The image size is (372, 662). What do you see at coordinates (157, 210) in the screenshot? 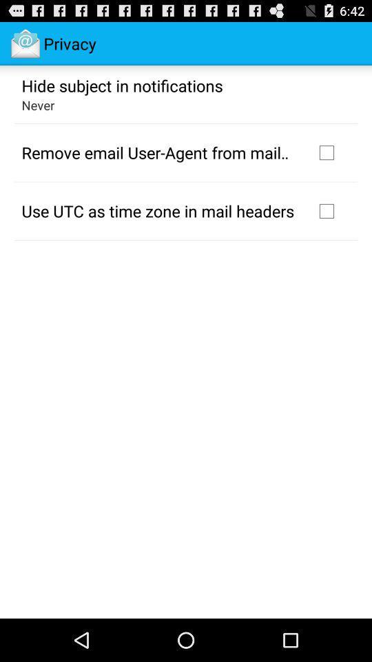
I see `the use utc as item` at bounding box center [157, 210].